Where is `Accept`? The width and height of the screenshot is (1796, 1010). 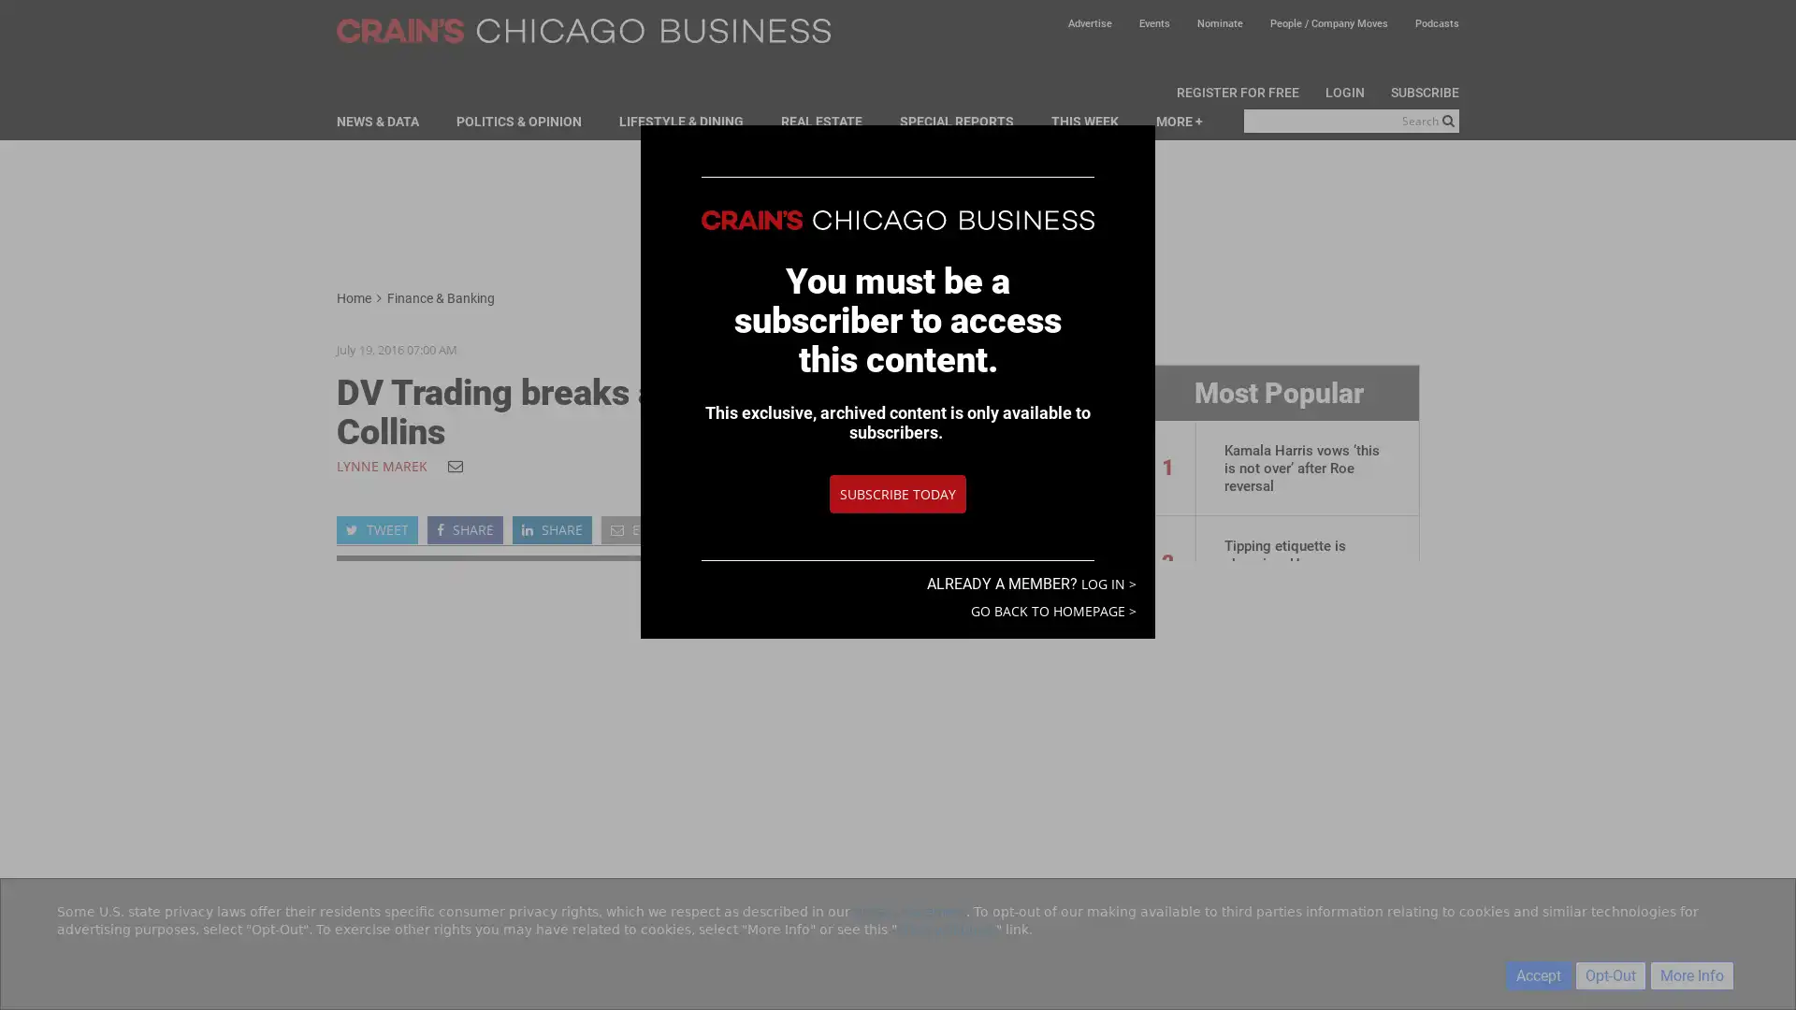
Accept is located at coordinates (1539, 974).